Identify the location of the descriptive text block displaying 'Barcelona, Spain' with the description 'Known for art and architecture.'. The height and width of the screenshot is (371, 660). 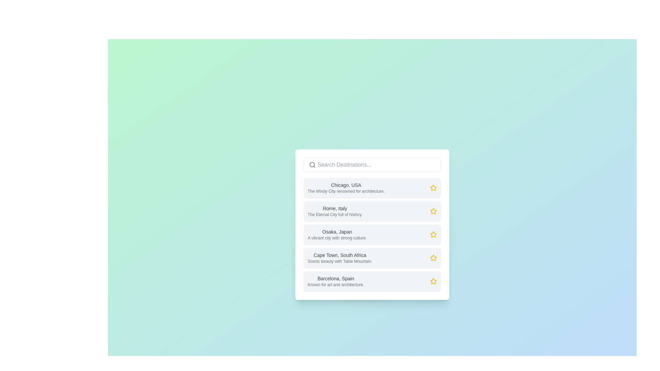
(336, 281).